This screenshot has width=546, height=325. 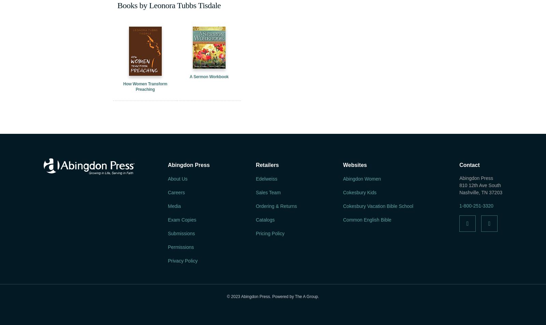 I want to click on 'About Us', so click(x=177, y=179).